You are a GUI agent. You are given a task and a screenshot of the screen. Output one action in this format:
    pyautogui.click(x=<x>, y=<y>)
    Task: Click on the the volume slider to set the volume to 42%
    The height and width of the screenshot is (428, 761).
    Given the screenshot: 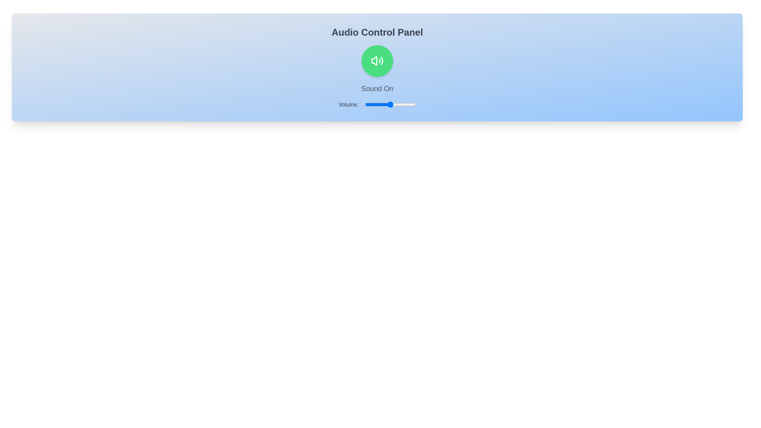 What is the action you would take?
    pyautogui.click(x=386, y=104)
    